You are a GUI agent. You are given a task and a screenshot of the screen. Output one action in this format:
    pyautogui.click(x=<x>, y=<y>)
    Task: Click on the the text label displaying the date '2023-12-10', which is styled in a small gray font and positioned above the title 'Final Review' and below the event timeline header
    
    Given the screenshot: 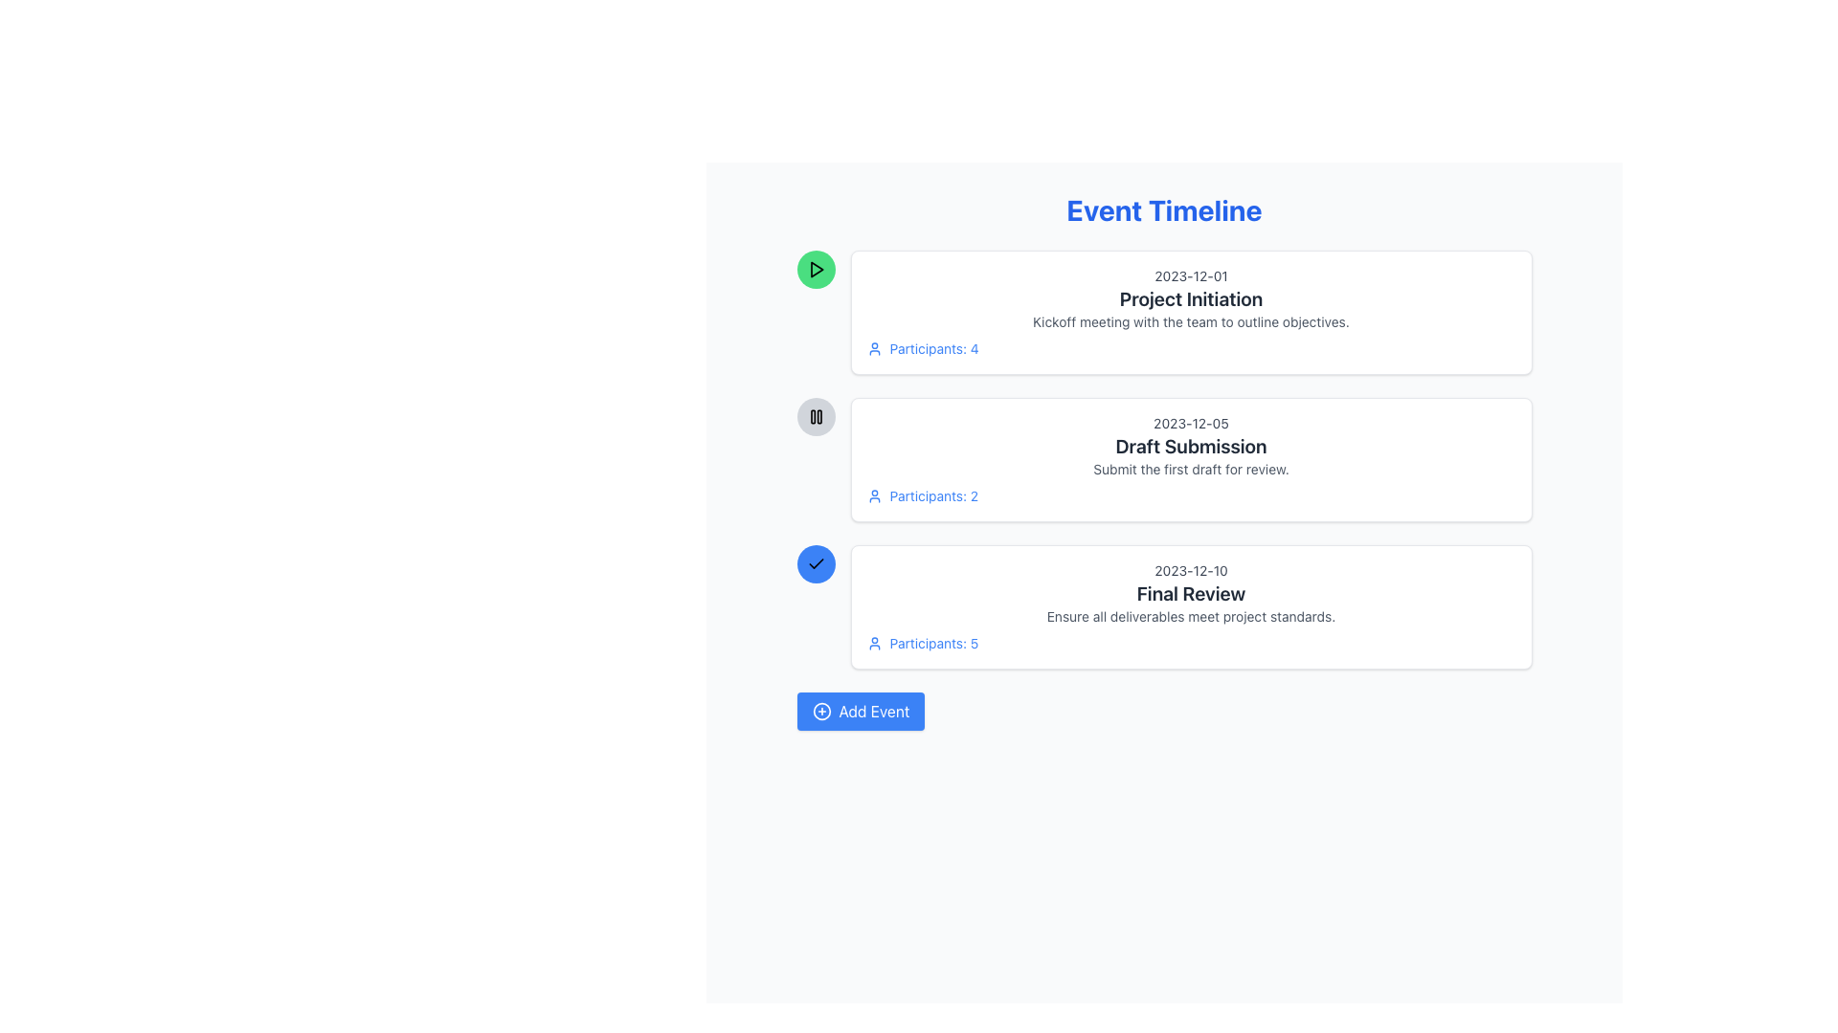 What is the action you would take?
    pyautogui.click(x=1190, y=570)
    